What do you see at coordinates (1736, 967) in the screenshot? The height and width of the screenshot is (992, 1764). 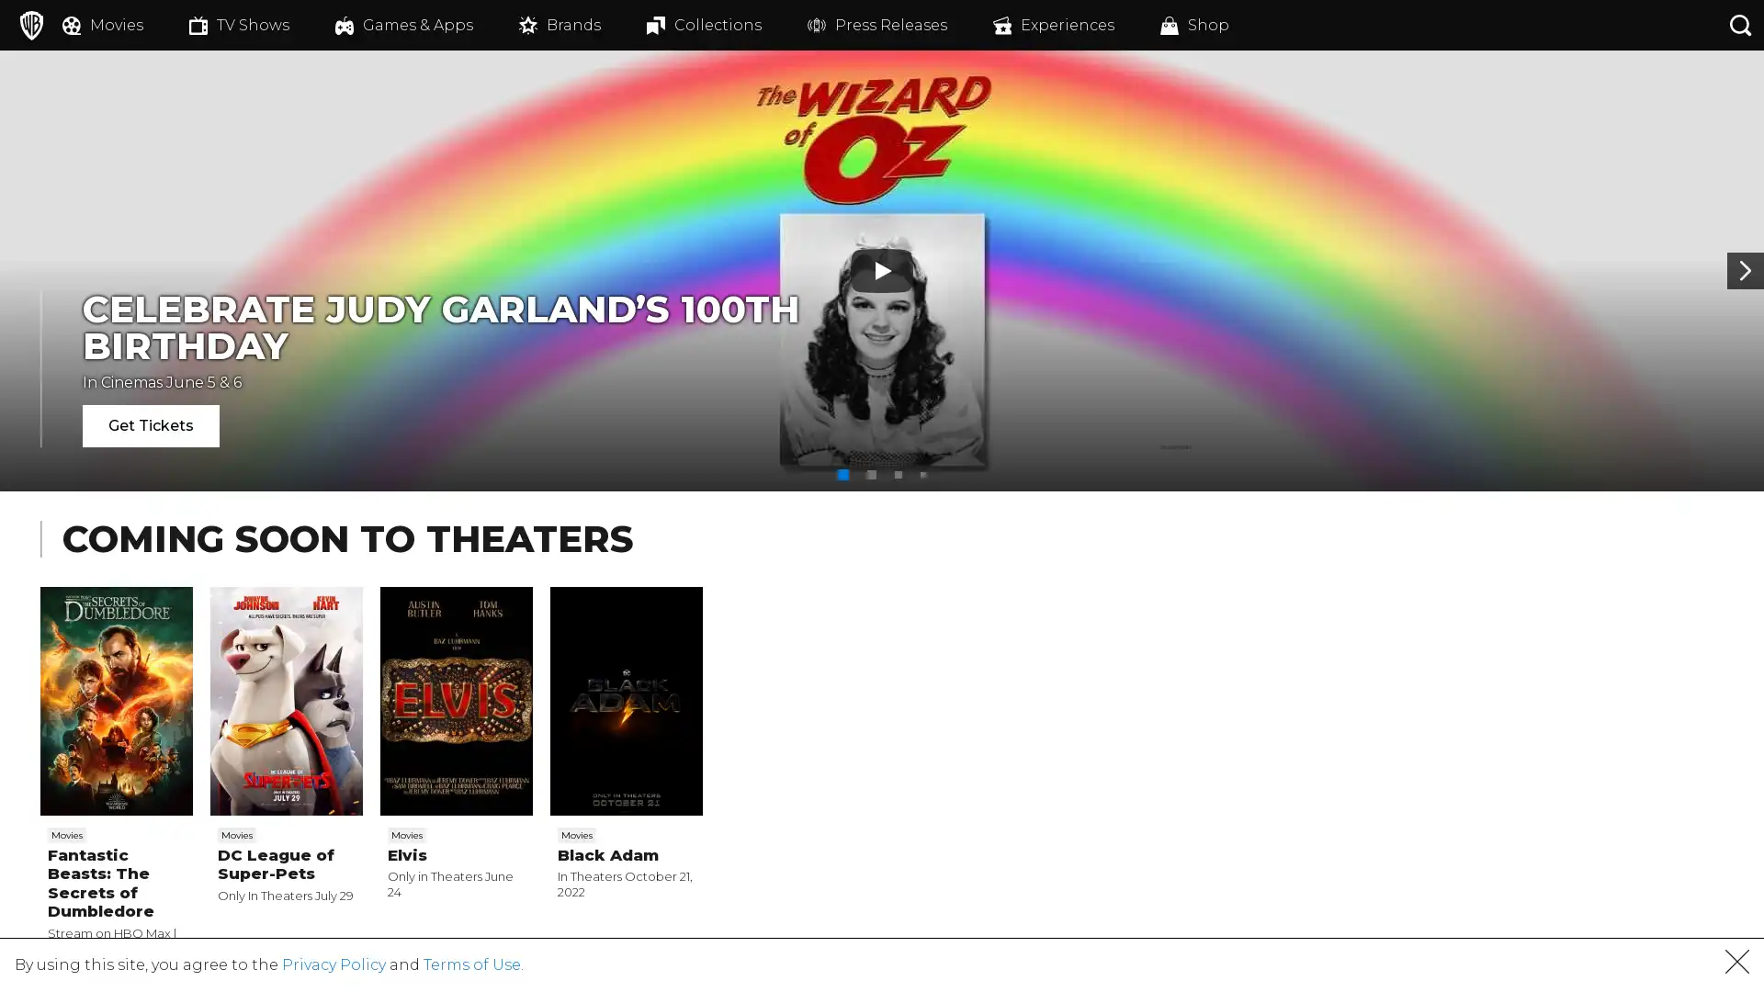 I see `Close` at bounding box center [1736, 967].